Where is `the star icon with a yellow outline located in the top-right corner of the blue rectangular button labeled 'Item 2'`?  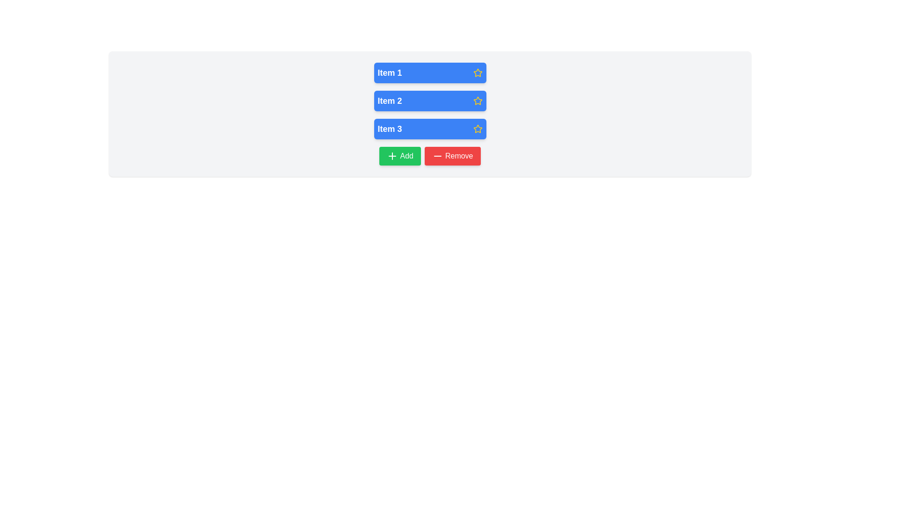
the star icon with a yellow outline located in the top-right corner of the blue rectangular button labeled 'Item 2' is located at coordinates (478, 101).